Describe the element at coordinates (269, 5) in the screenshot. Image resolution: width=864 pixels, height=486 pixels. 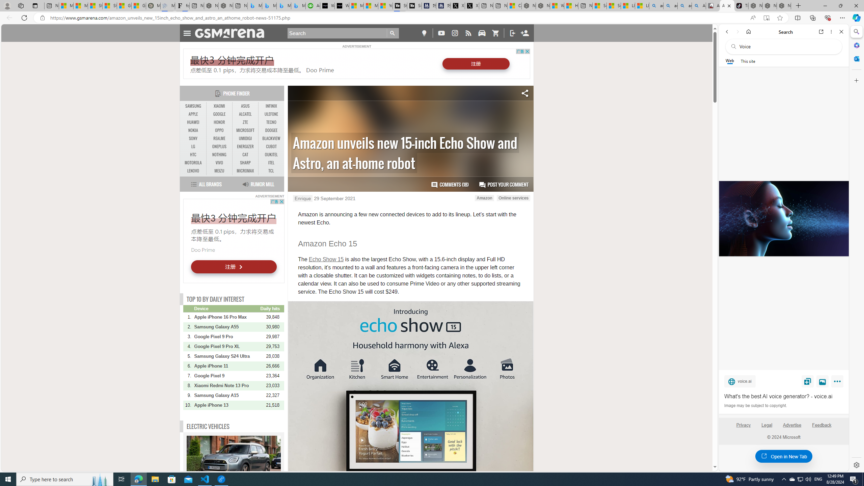
I see `'Microsoft Bing Travel - Stays in Bangkok, Bangkok, Thailand'` at that location.